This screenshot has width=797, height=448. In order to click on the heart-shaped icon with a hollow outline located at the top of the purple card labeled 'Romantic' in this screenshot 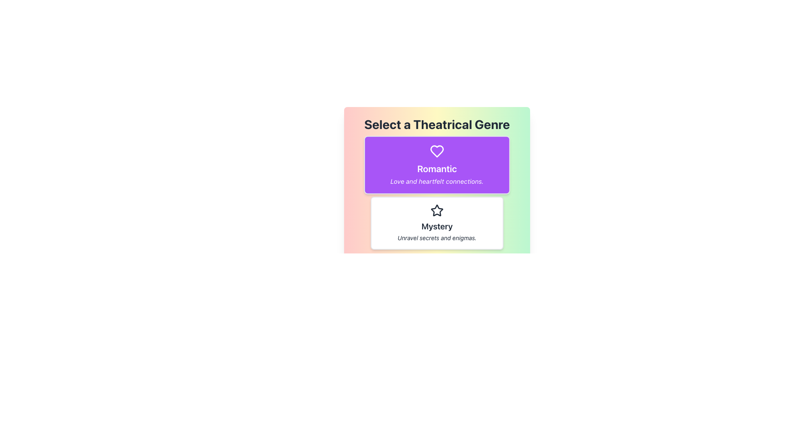, I will do `click(436, 151)`.